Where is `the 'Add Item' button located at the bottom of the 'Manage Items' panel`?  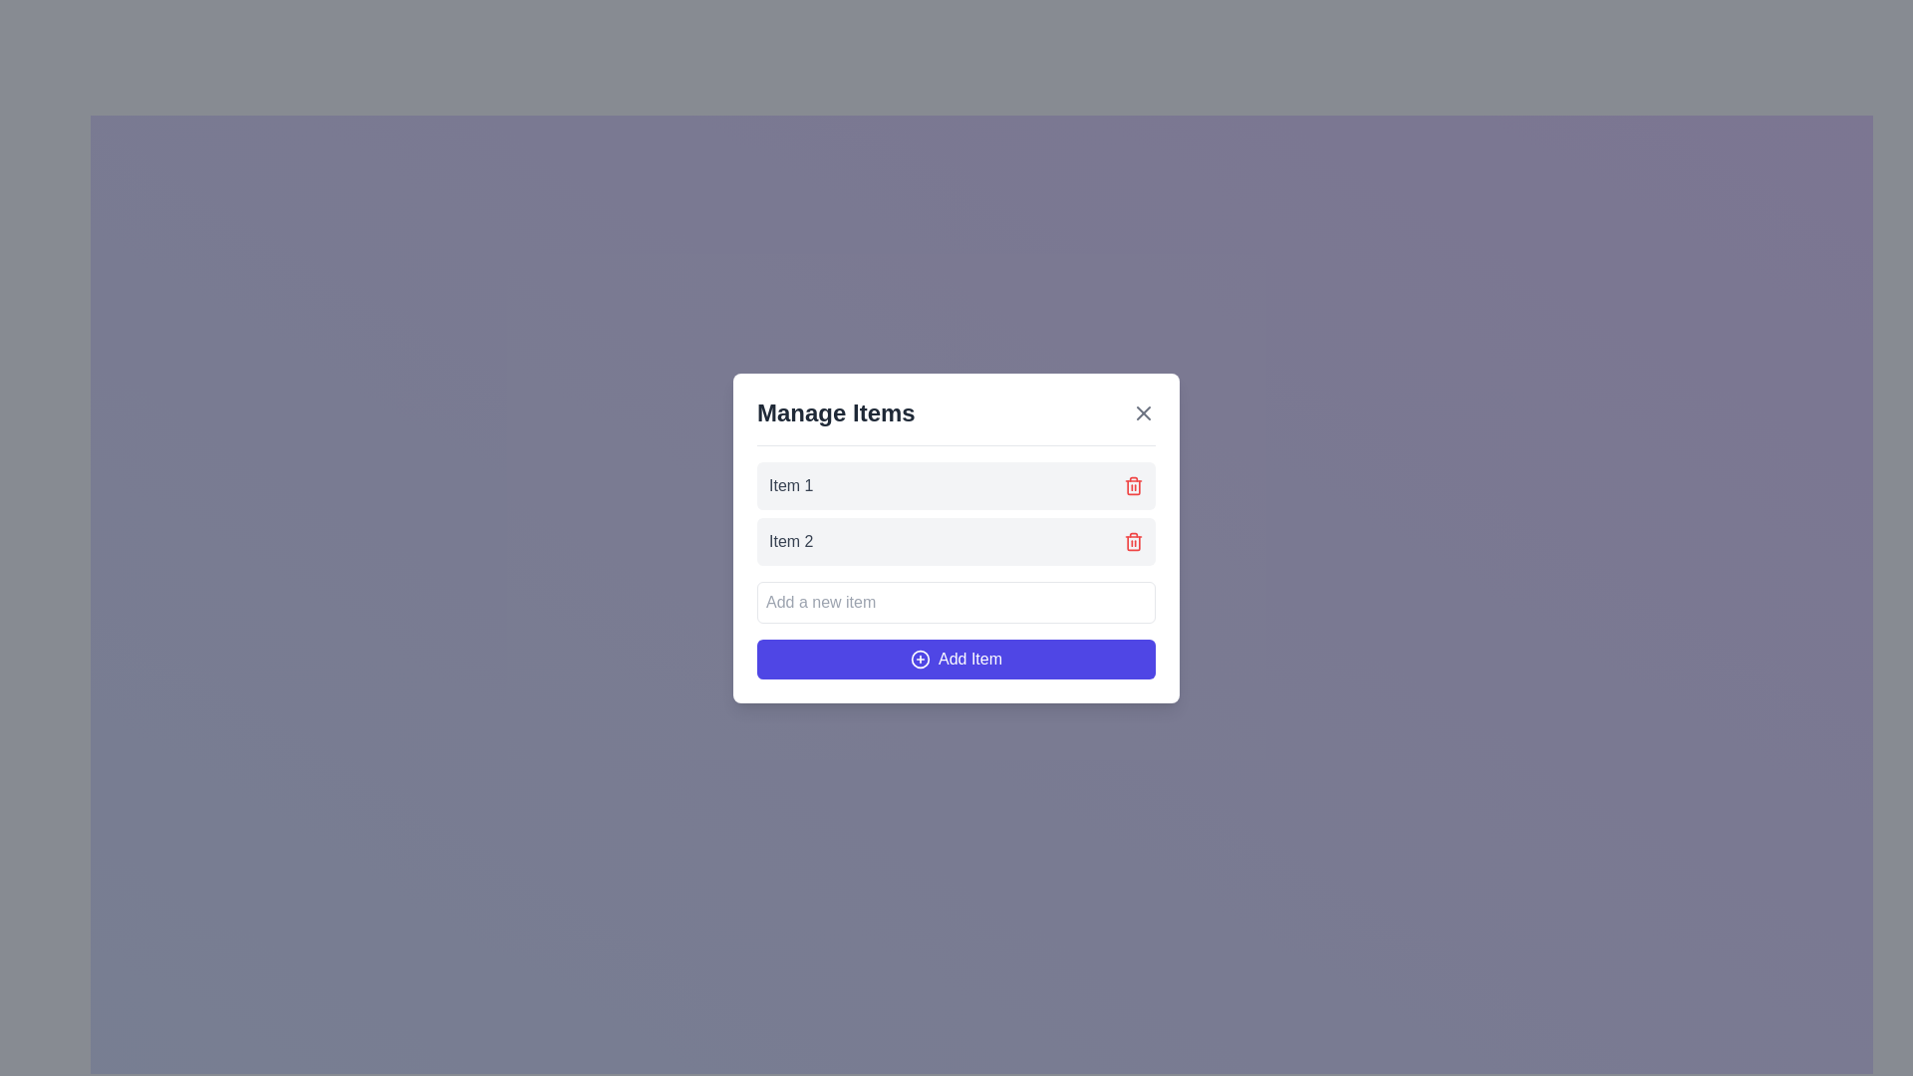 the 'Add Item' button located at the bottom of the 'Manage Items' panel is located at coordinates (956, 659).